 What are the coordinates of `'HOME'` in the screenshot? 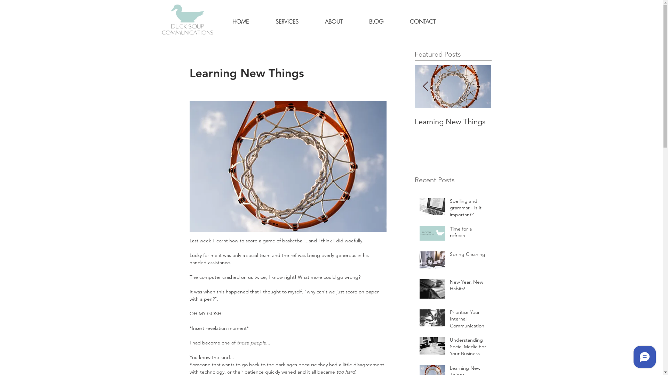 It's located at (218, 21).